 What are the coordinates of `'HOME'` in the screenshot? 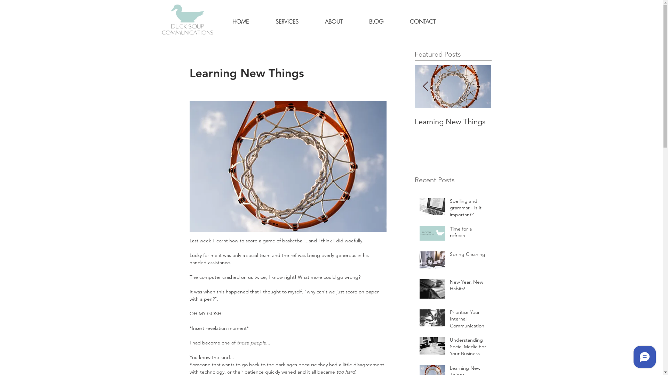 It's located at (218, 21).